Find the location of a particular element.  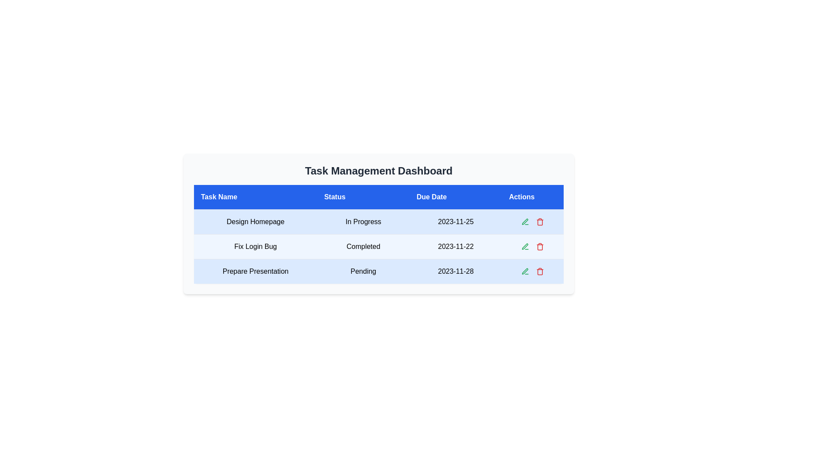

date displayed in the Text Label indicating the due date '2023-11-28' for the task 'Prepare Presentation', located in the third row under the 'Due Date' column is located at coordinates (455, 271).